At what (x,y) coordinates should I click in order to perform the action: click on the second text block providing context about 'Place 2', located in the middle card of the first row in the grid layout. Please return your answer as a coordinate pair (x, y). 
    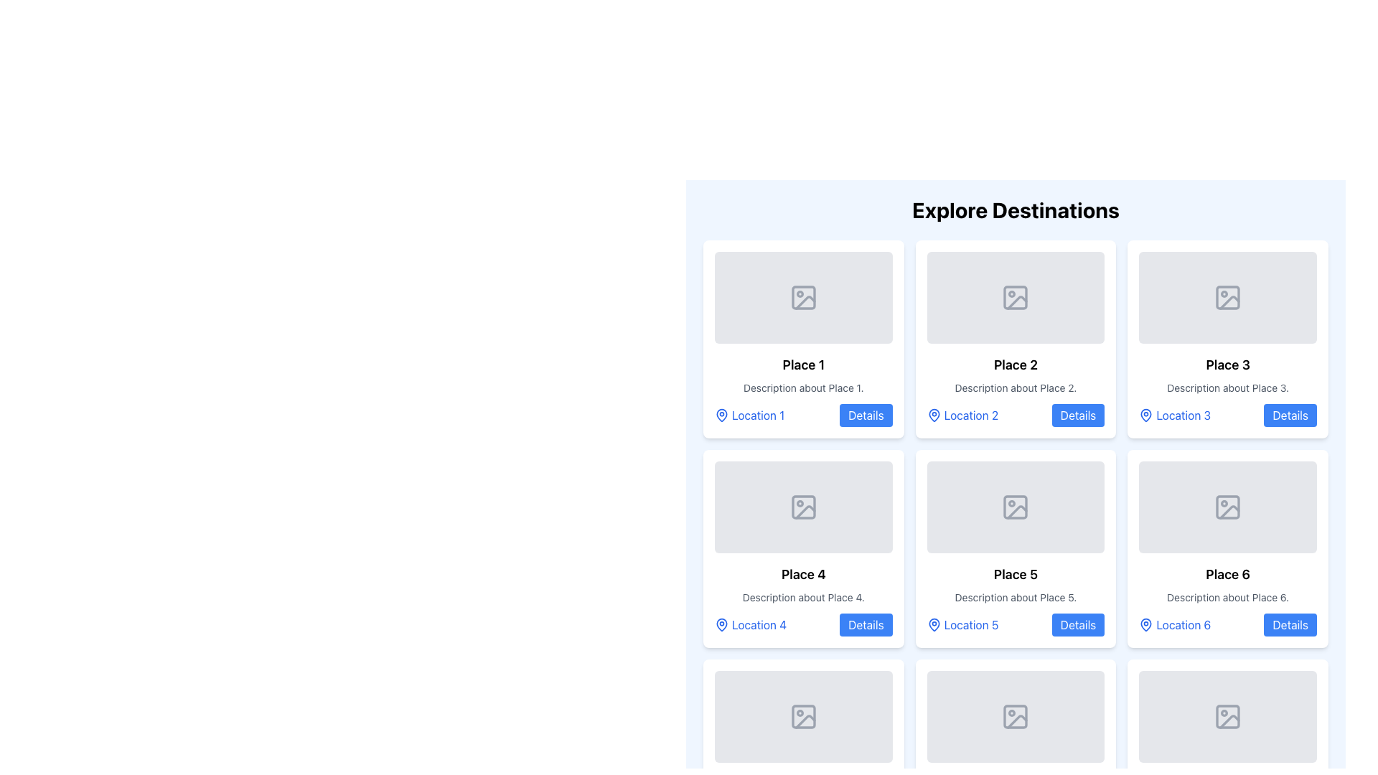
    Looking at the image, I should click on (1015, 387).